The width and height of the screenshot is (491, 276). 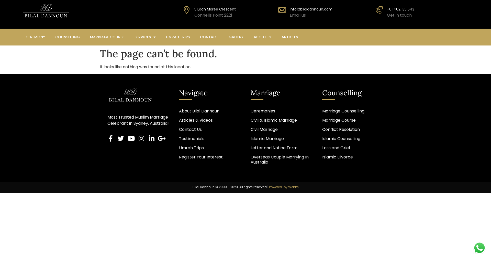 What do you see at coordinates (281, 129) in the screenshot?
I see `'Civil Marriage'` at bounding box center [281, 129].